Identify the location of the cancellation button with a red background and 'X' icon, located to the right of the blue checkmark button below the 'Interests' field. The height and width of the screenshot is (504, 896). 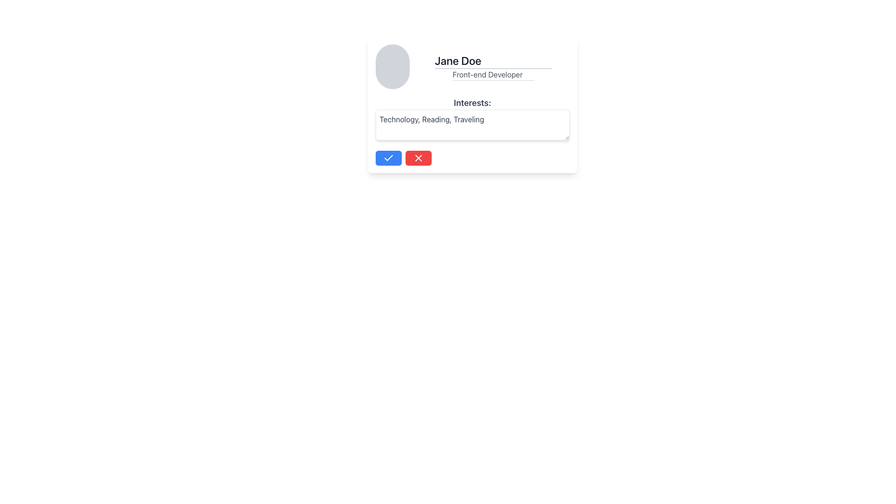
(418, 158).